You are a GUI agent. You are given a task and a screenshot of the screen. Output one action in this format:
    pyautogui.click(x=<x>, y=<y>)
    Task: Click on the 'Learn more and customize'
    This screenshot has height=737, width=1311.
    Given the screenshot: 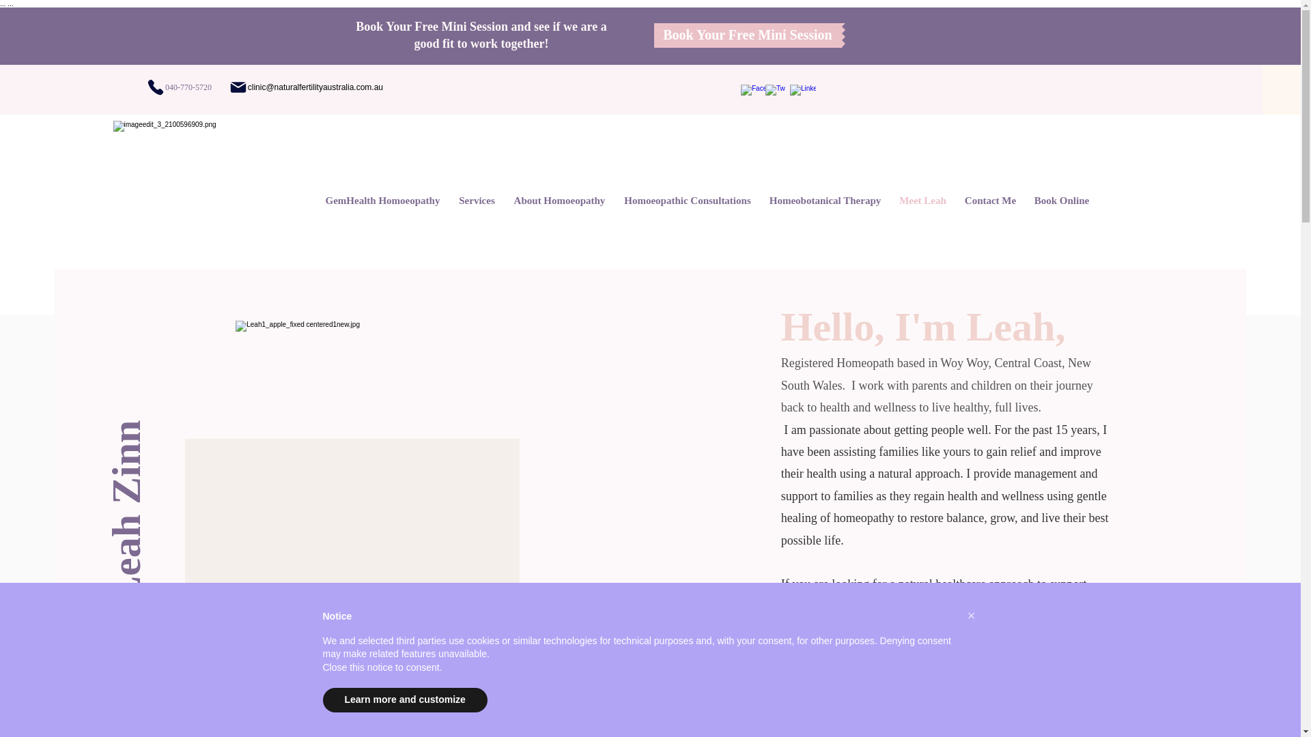 What is the action you would take?
    pyautogui.click(x=404, y=700)
    